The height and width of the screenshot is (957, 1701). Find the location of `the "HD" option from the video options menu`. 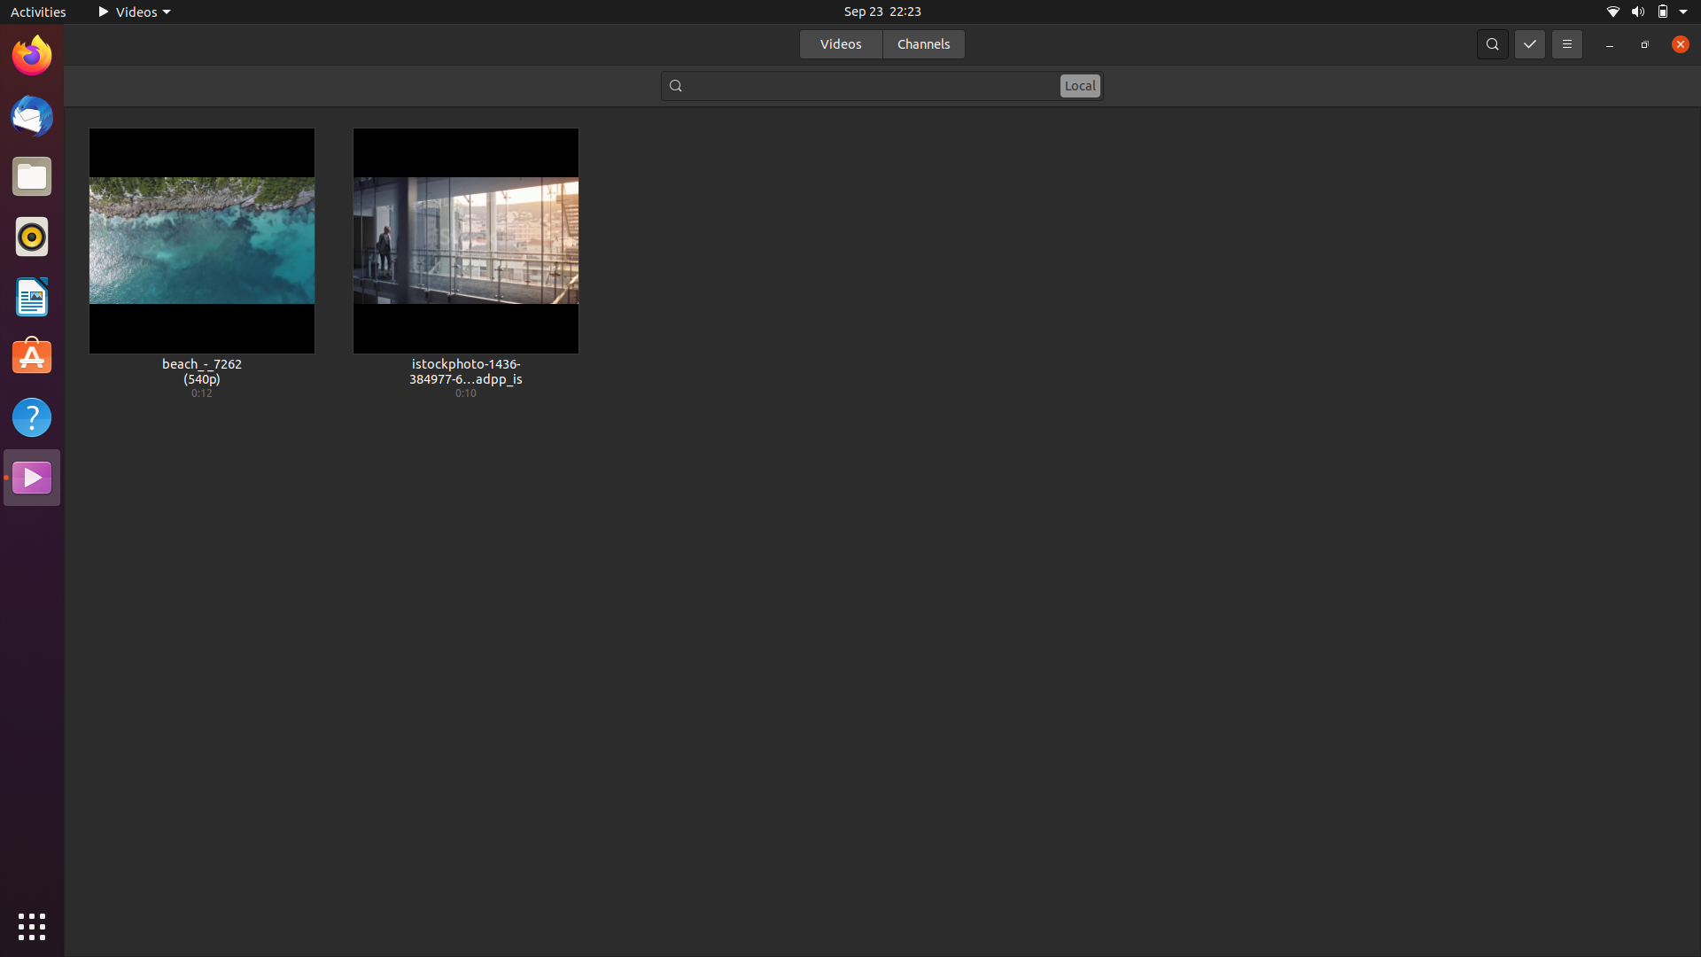

the "HD" option from the video options menu is located at coordinates (1565, 41).